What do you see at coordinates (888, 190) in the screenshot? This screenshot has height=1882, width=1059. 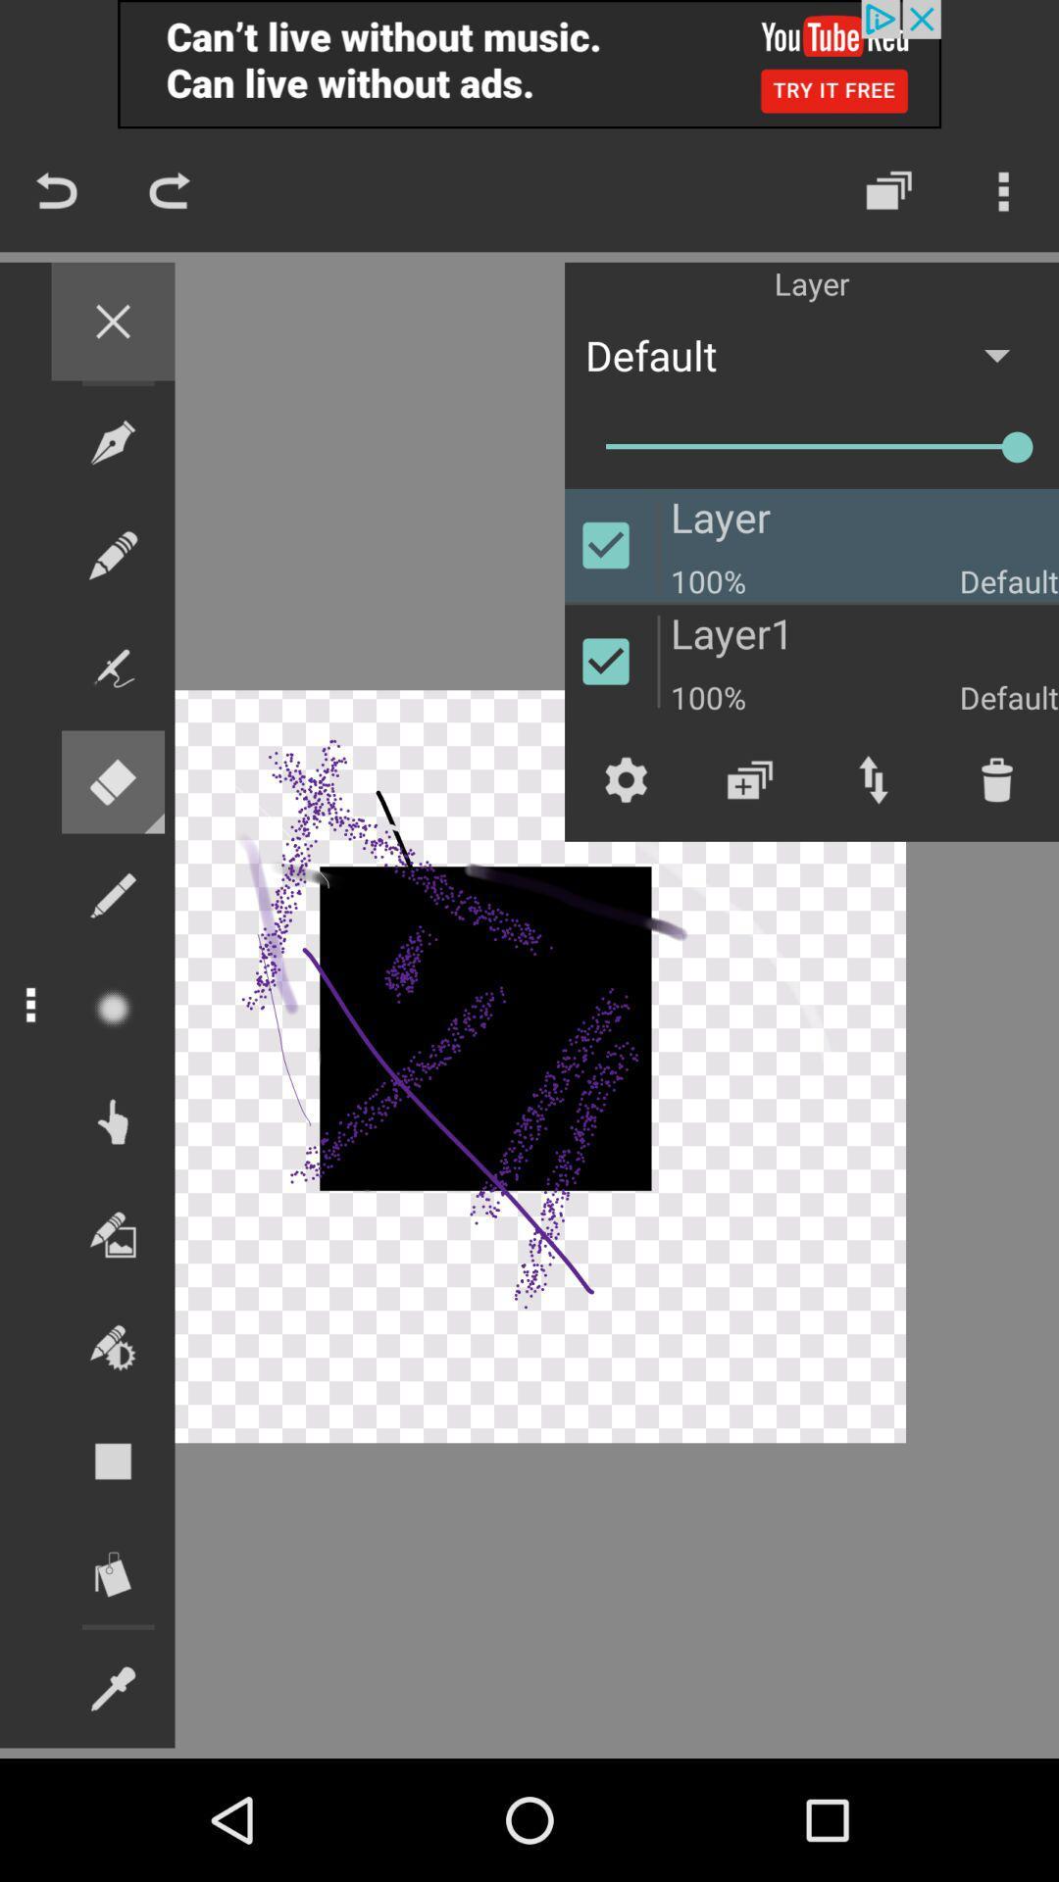 I see `the layers icon` at bounding box center [888, 190].